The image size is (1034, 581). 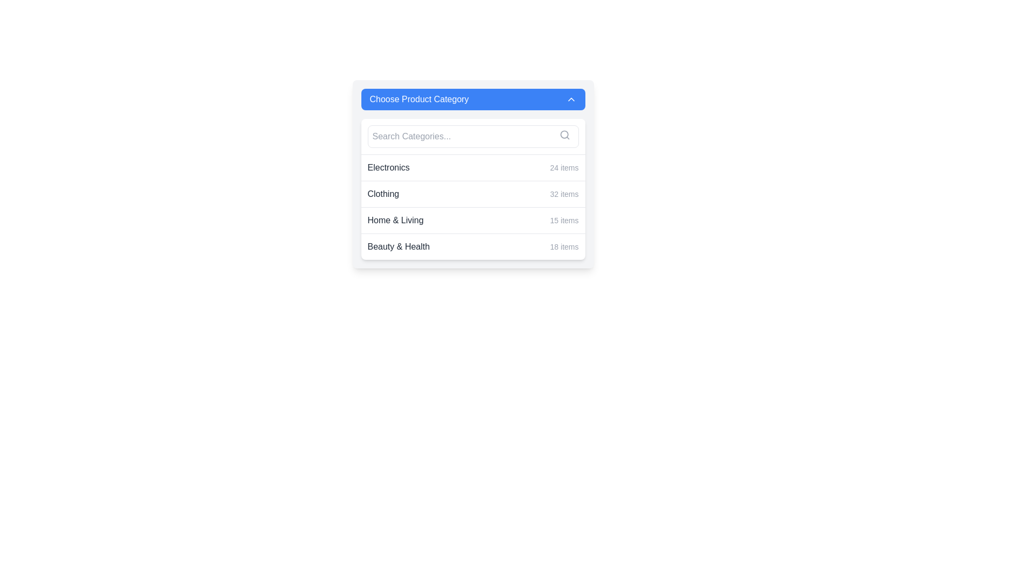 What do you see at coordinates (473, 246) in the screenshot?
I see `the Category Selection Item labeled 'Beauty & Health'` at bounding box center [473, 246].